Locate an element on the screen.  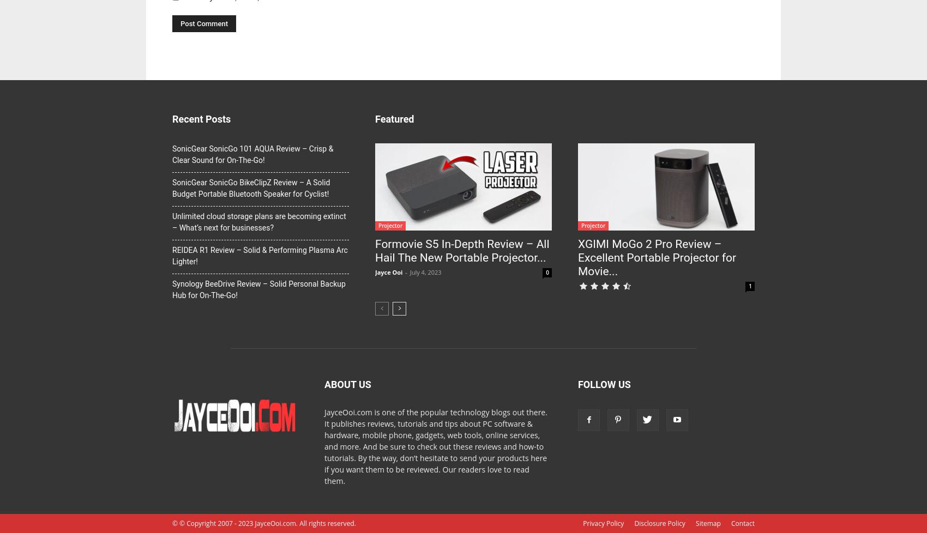
'Formovie S5 In-Depth Review – All Hail The New Portable Projector...' is located at coordinates (461, 250).